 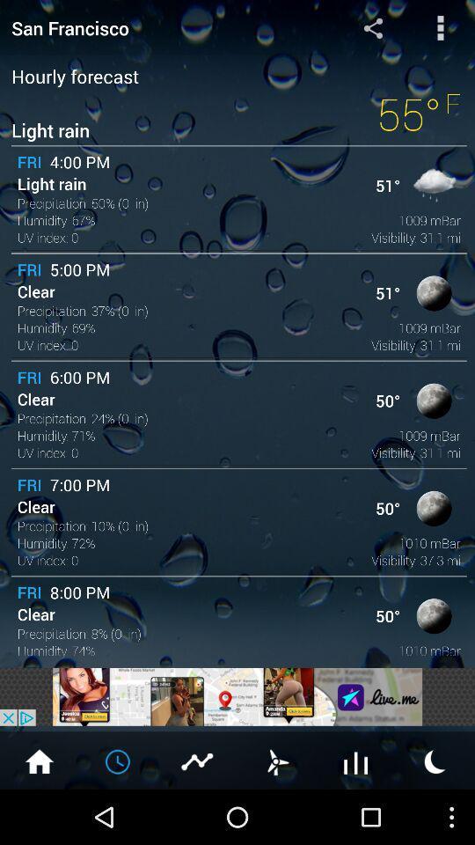 What do you see at coordinates (237, 696) in the screenshot?
I see `new advertisements` at bounding box center [237, 696].